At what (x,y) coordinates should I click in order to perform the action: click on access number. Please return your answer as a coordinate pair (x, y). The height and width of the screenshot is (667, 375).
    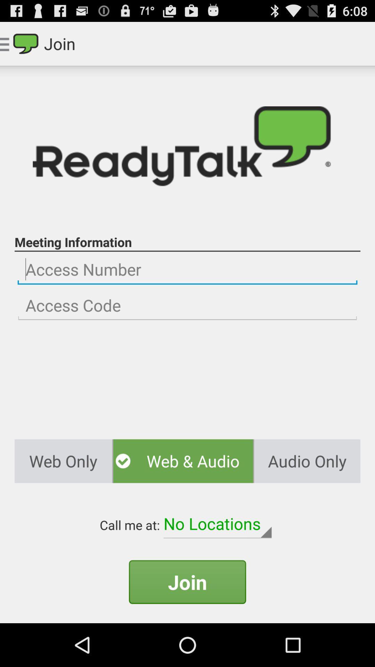
    Looking at the image, I should click on (187, 269).